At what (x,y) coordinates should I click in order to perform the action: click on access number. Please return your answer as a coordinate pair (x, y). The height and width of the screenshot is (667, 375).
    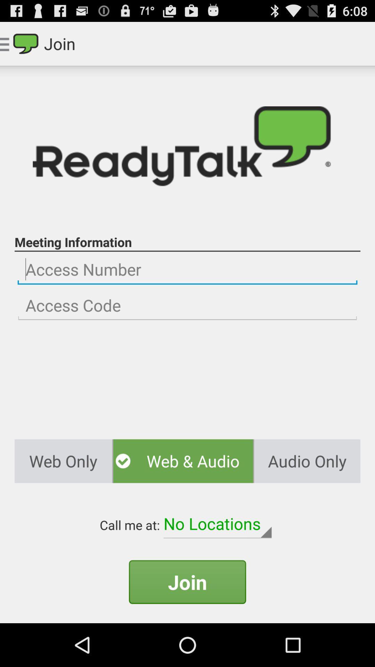
    Looking at the image, I should click on (187, 269).